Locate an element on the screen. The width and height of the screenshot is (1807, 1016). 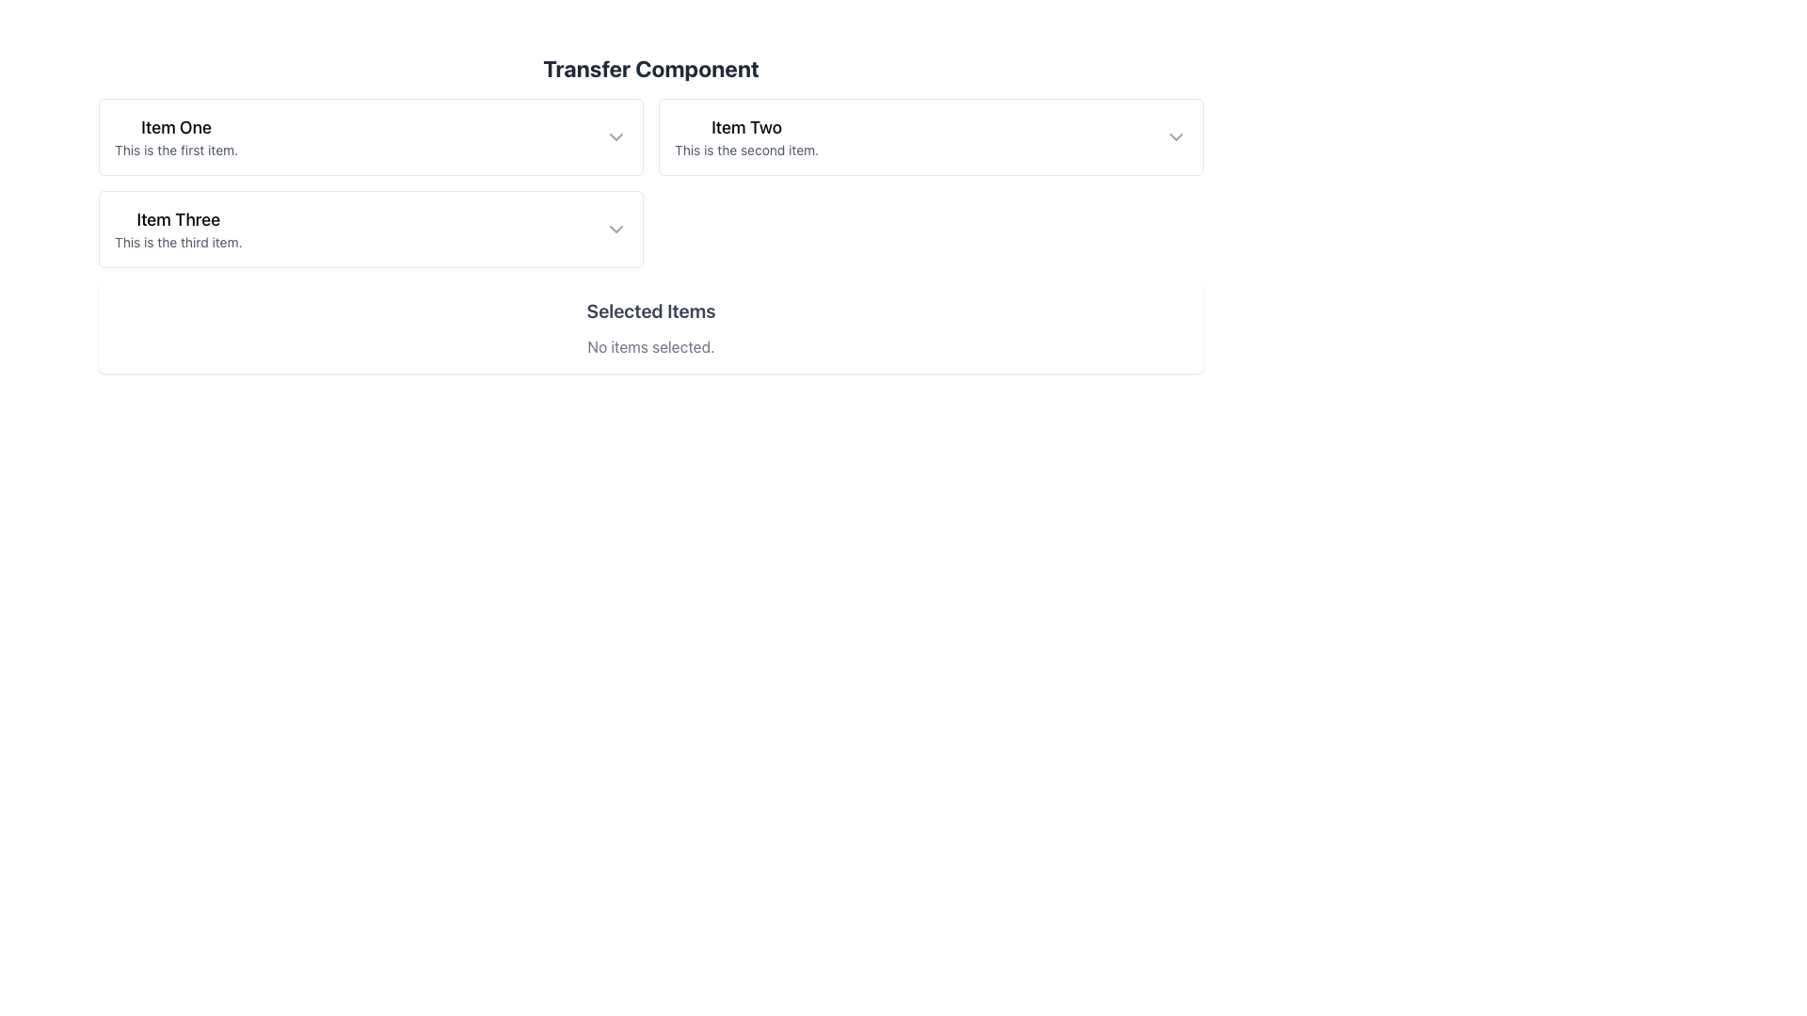
the text label summarizing 'Item One', which is located above 'Item Three' and has a dropdown icon on the right is located at coordinates (176, 136).